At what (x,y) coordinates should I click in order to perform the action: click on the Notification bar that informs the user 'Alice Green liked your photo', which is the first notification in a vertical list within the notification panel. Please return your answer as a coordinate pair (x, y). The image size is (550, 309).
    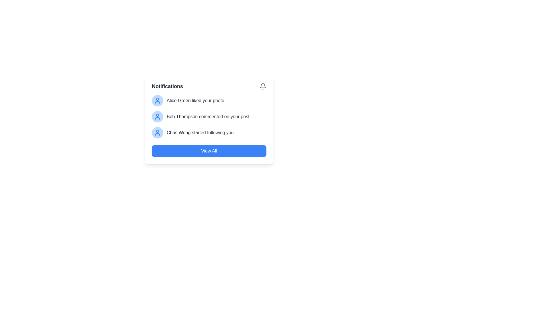
    Looking at the image, I should click on (209, 100).